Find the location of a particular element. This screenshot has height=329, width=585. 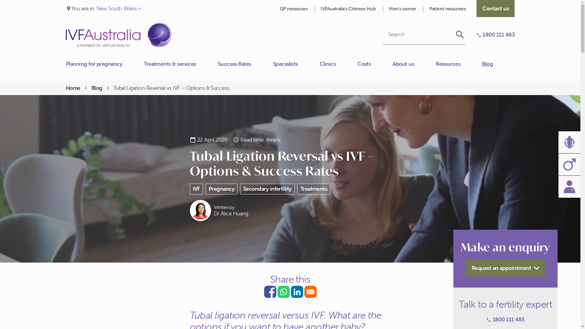

'Specialists' is located at coordinates (296, 64).